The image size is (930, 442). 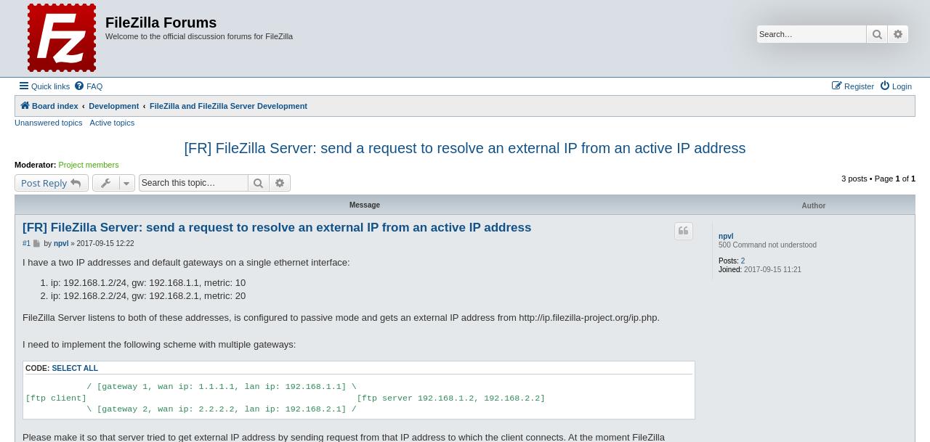 I want to click on 'I have a two IP addresses and default gateways on a single ethernet interface:', so click(x=185, y=261).